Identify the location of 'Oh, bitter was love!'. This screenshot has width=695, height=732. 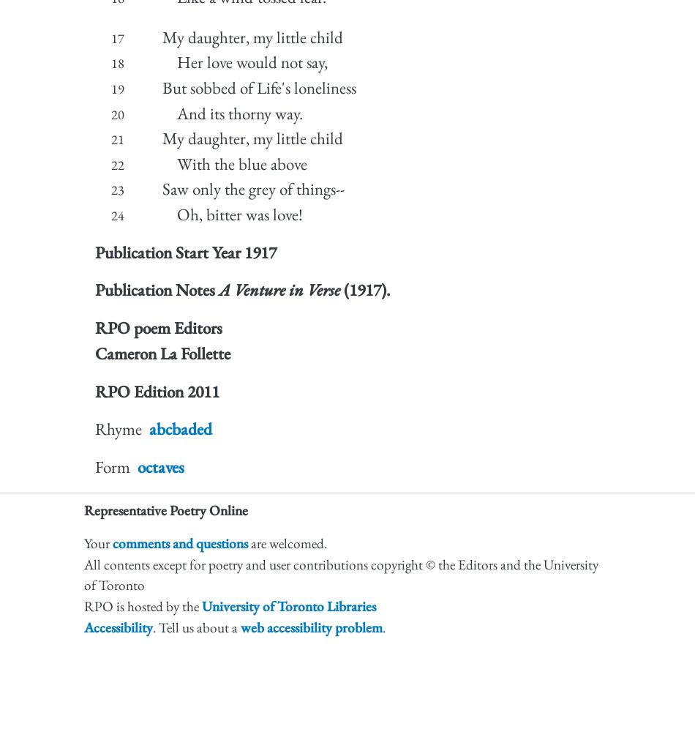
(231, 214).